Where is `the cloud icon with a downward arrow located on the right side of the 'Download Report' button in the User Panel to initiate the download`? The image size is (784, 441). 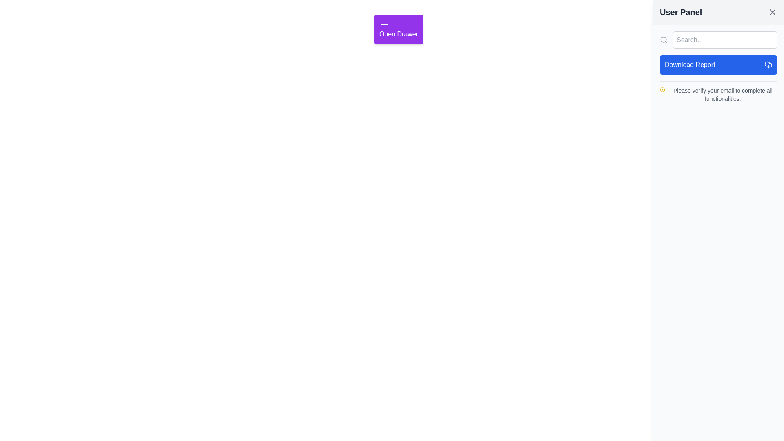 the cloud icon with a downward arrow located on the right side of the 'Download Report' button in the User Panel to initiate the download is located at coordinates (768, 64).